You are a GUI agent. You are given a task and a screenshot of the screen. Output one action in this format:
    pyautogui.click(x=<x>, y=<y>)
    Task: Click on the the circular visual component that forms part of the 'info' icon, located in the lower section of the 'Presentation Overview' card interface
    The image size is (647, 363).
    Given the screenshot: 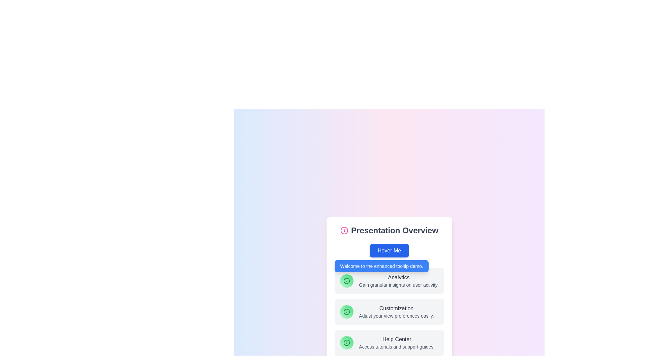 What is the action you would take?
    pyautogui.click(x=344, y=230)
    